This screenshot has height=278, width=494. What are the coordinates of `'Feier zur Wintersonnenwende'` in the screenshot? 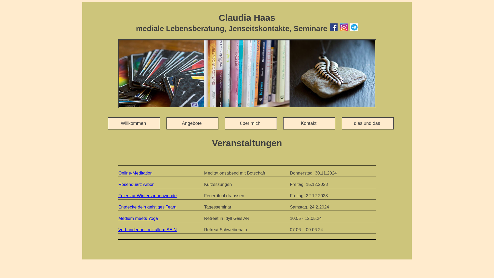 It's located at (147, 196).